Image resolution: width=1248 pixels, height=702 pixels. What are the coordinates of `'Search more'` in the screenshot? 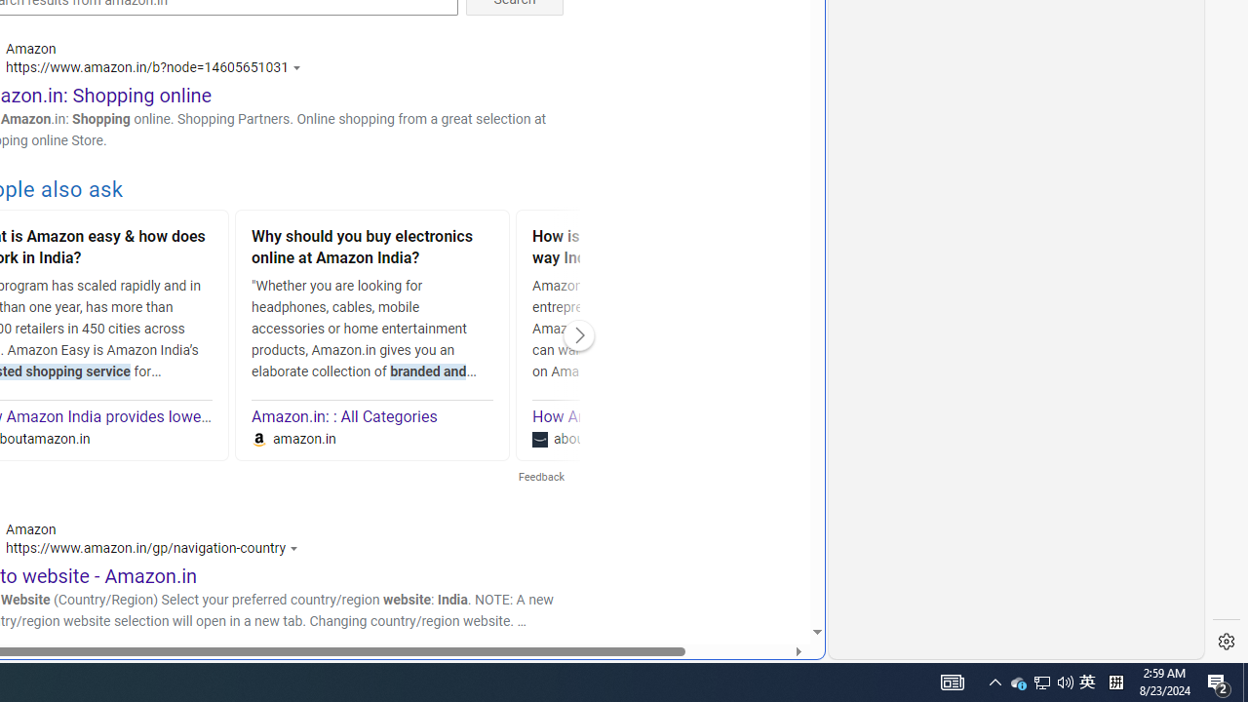 It's located at (771, 572).